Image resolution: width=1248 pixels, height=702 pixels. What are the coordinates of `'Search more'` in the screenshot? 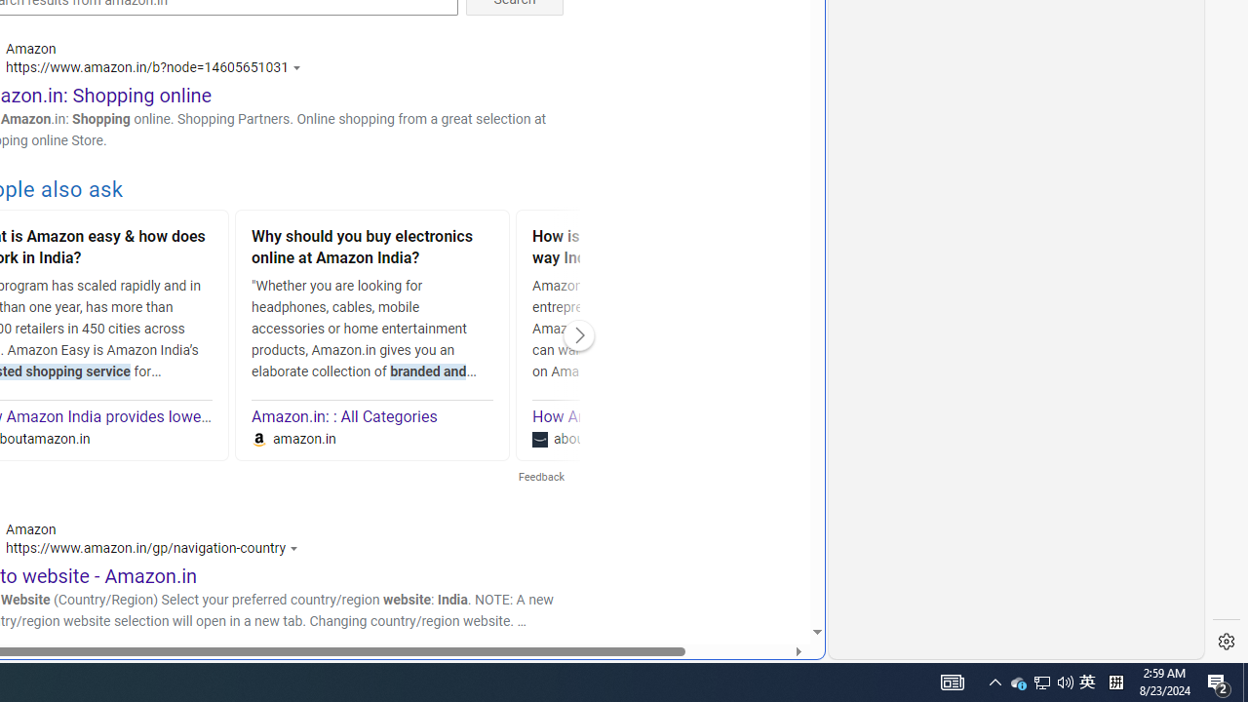 It's located at (771, 572).